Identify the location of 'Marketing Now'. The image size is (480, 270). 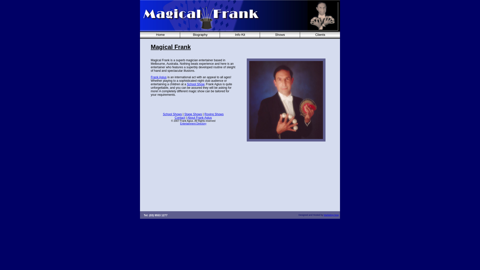
(331, 215).